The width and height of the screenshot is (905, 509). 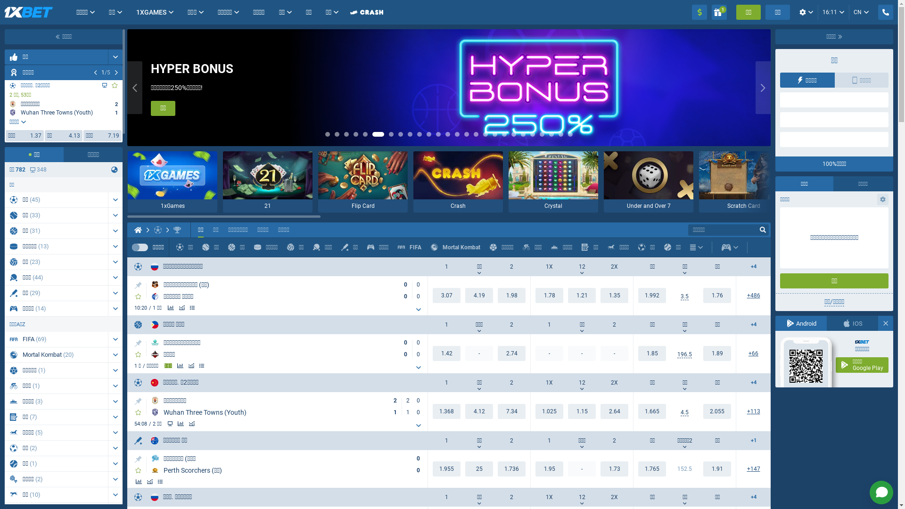 I want to click on '1.95', so click(x=549, y=469).